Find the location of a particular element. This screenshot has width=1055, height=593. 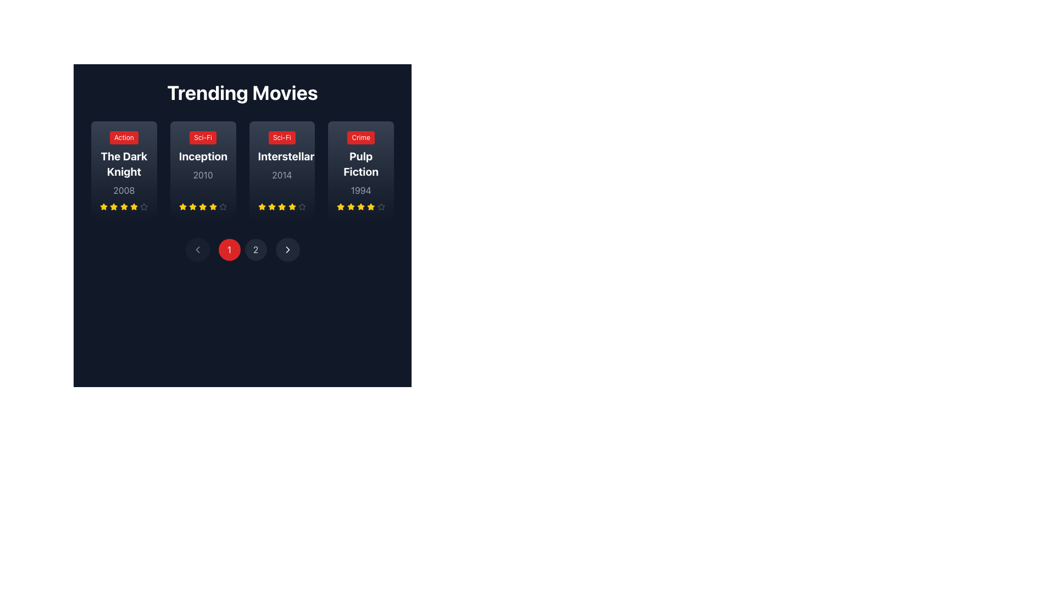

the pagination button located at the bottom center of the interface is located at coordinates (287, 249).